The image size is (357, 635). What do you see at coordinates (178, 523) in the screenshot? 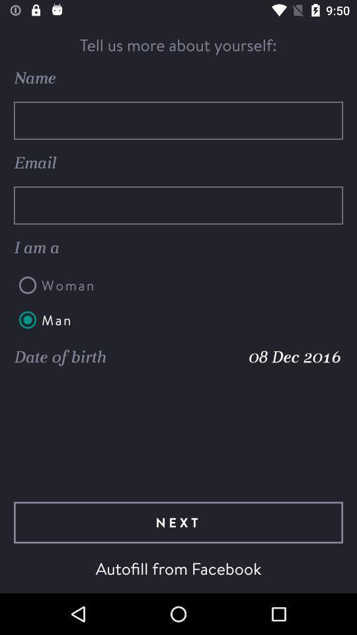
I see `the icon below date of birth item` at bounding box center [178, 523].